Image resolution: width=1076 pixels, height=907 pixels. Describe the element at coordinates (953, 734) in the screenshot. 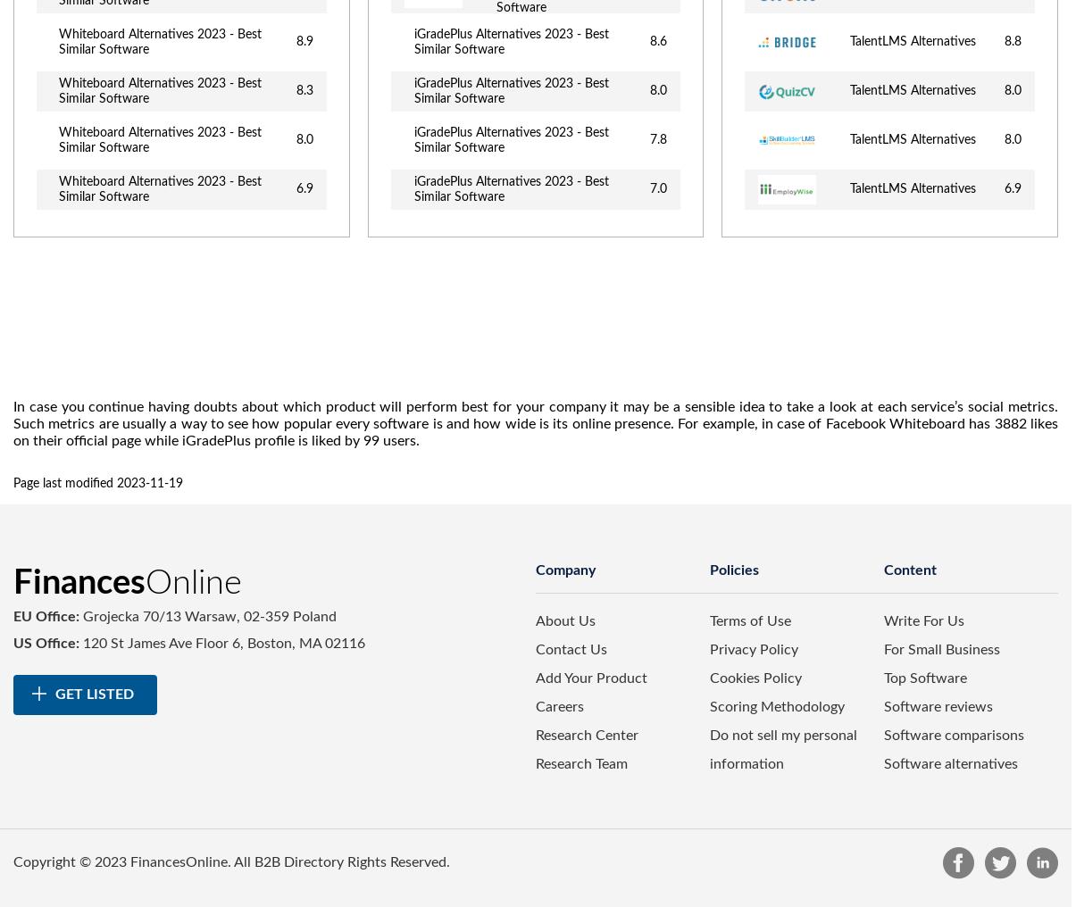

I see `'Software comparisons'` at that location.